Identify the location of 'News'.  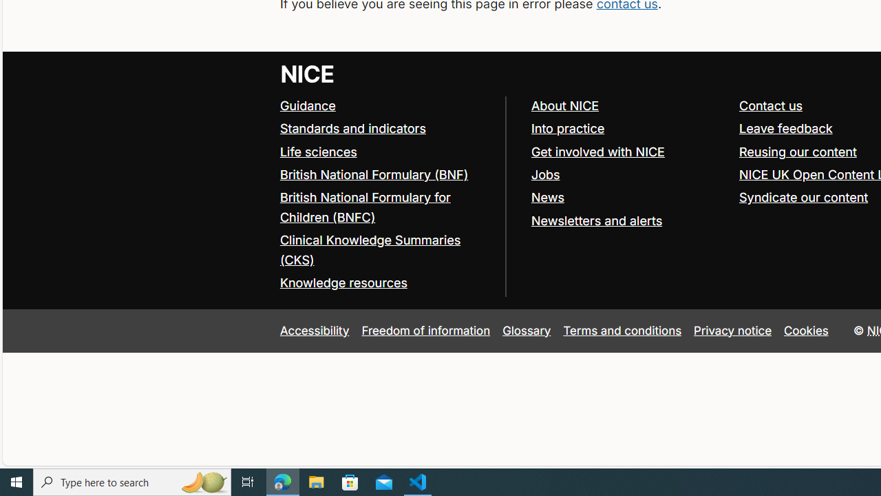
(628, 197).